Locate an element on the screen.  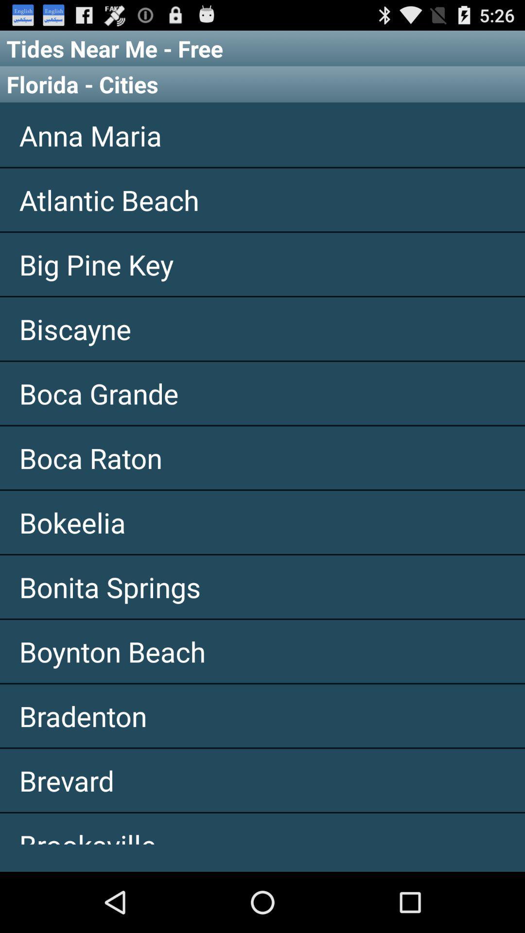
bonita springs is located at coordinates (262, 586).